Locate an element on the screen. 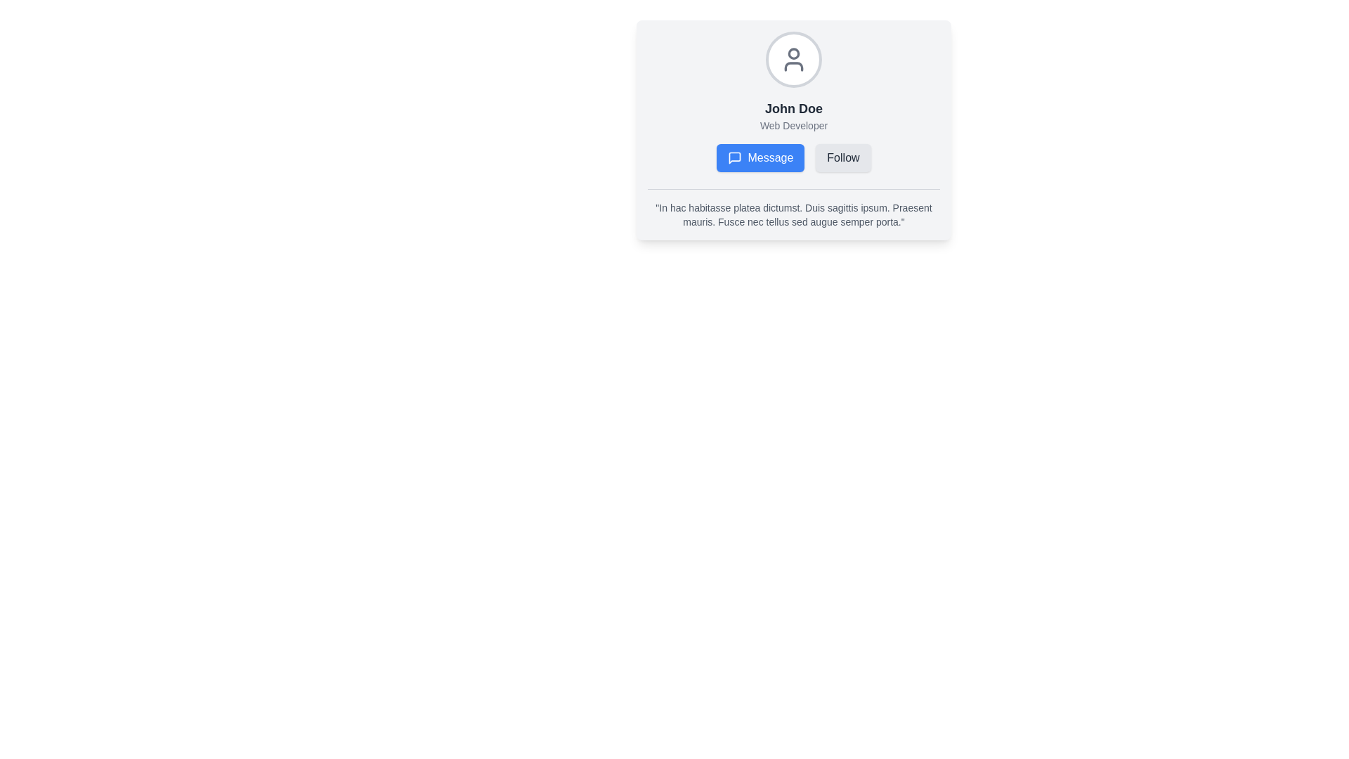 The width and height of the screenshot is (1349, 759). the 'Message' button which contains a chat bubble icon to initiate a message is located at coordinates (734, 157).